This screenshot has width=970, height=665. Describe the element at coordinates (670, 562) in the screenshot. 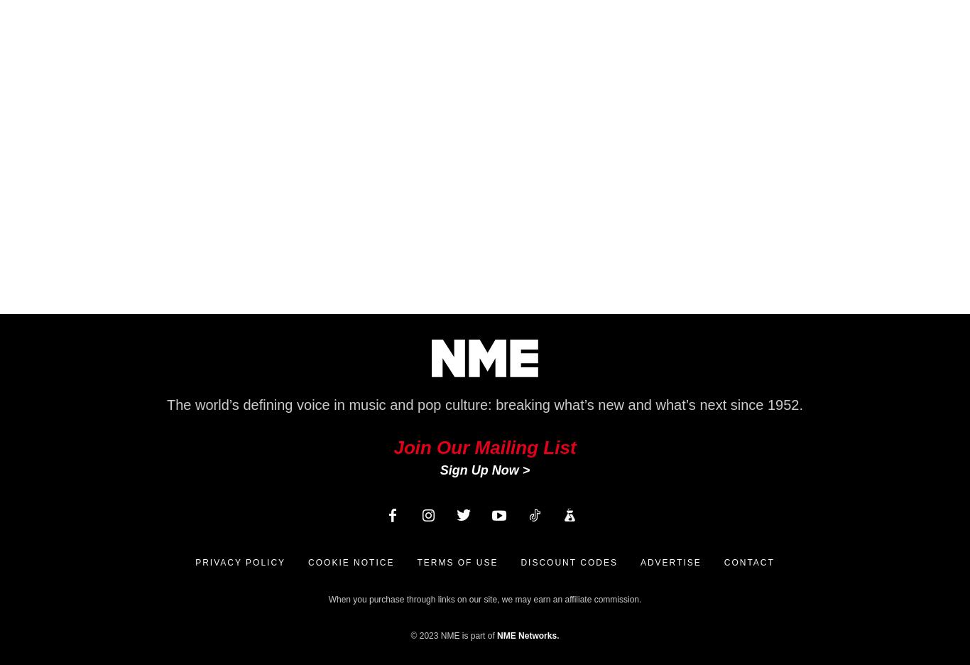

I see `'Advertise'` at that location.